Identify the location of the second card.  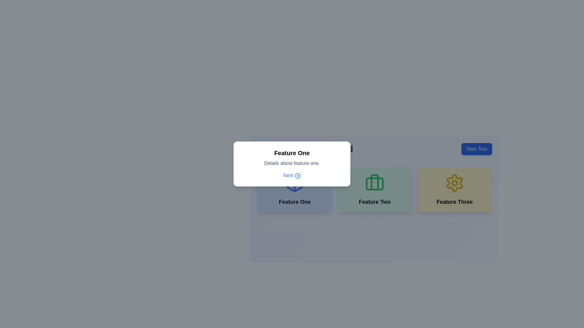
(374, 189).